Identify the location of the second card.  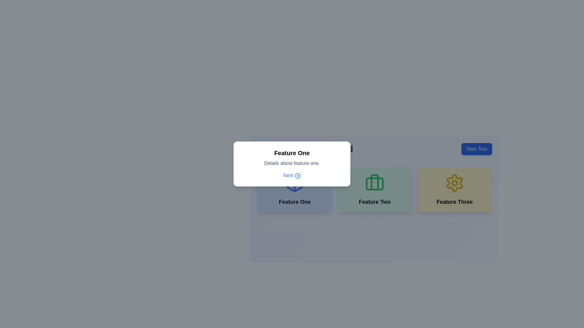
(374, 189).